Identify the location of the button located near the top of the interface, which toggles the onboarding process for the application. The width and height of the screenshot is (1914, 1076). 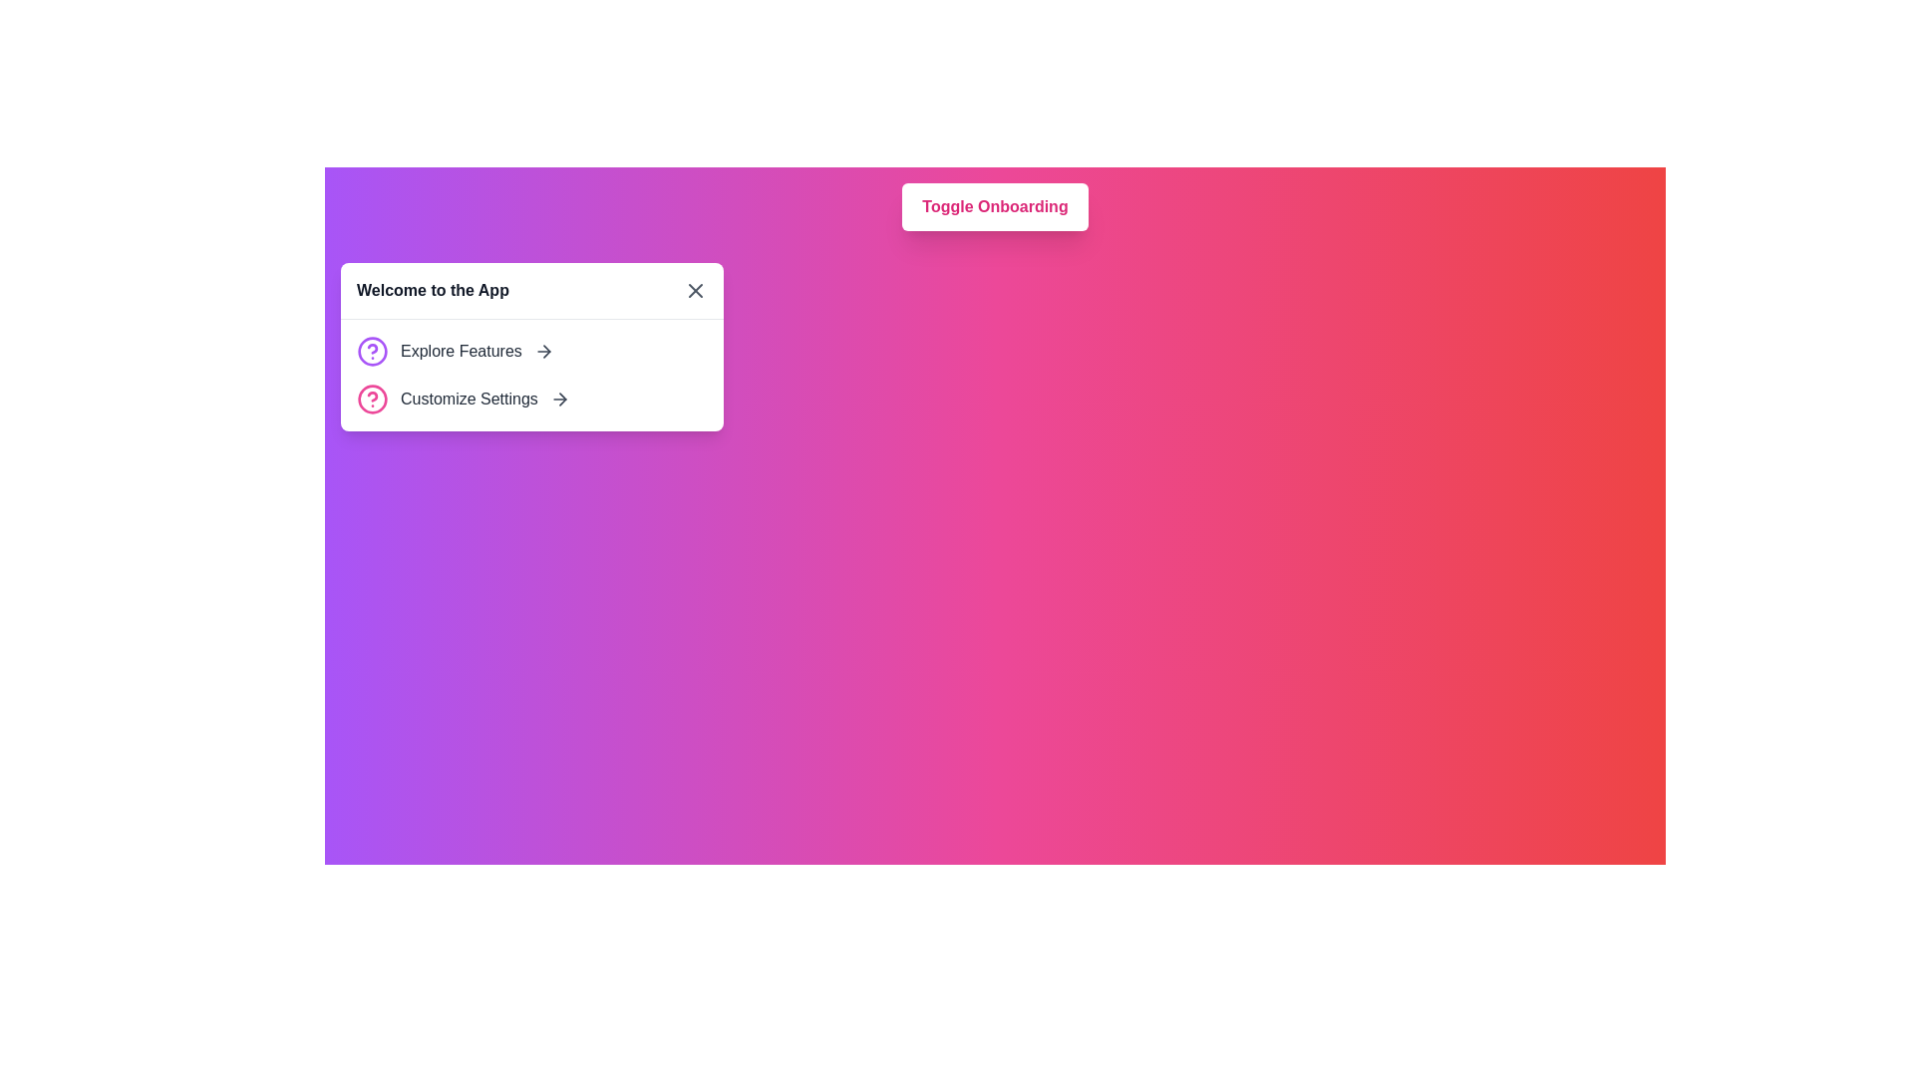
(995, 207).